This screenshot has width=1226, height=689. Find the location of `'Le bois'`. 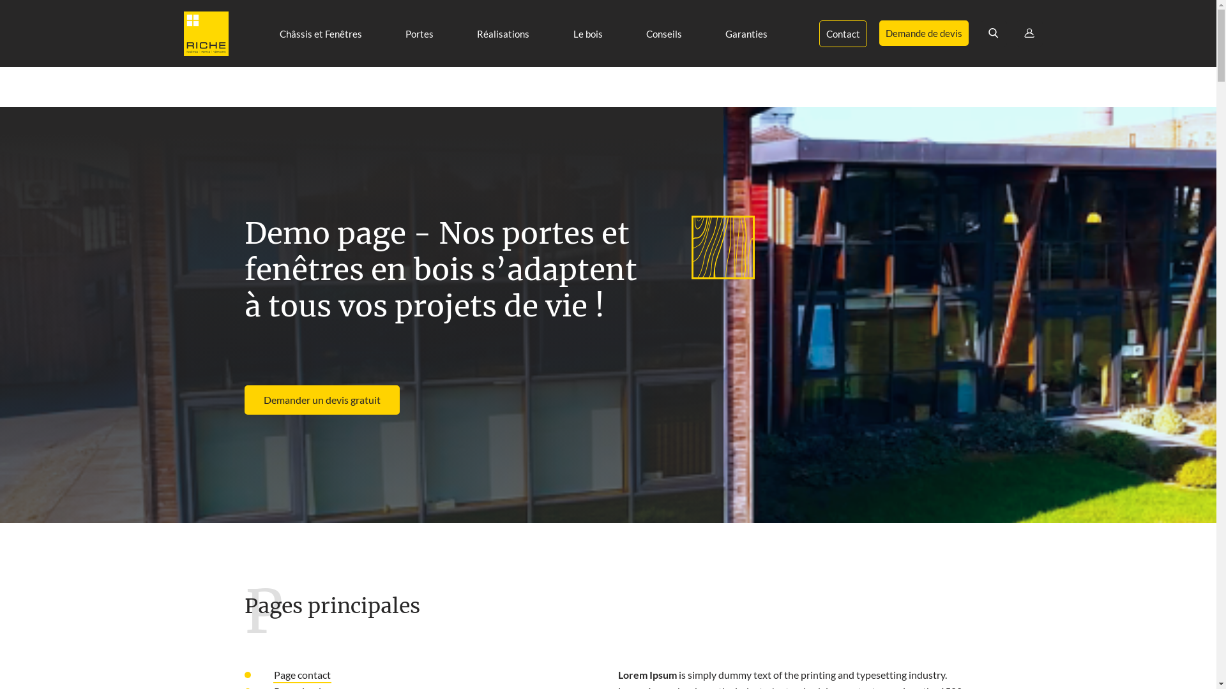

'Le bois' is located at coordinates (587, 33).